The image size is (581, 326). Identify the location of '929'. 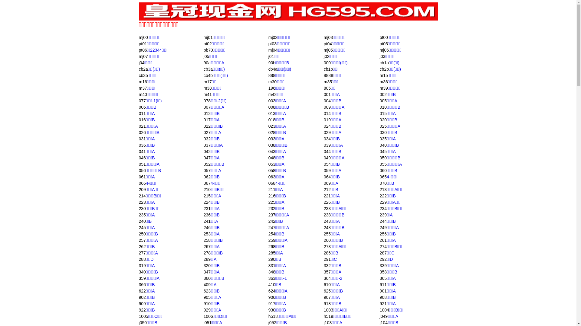
(207, 310).